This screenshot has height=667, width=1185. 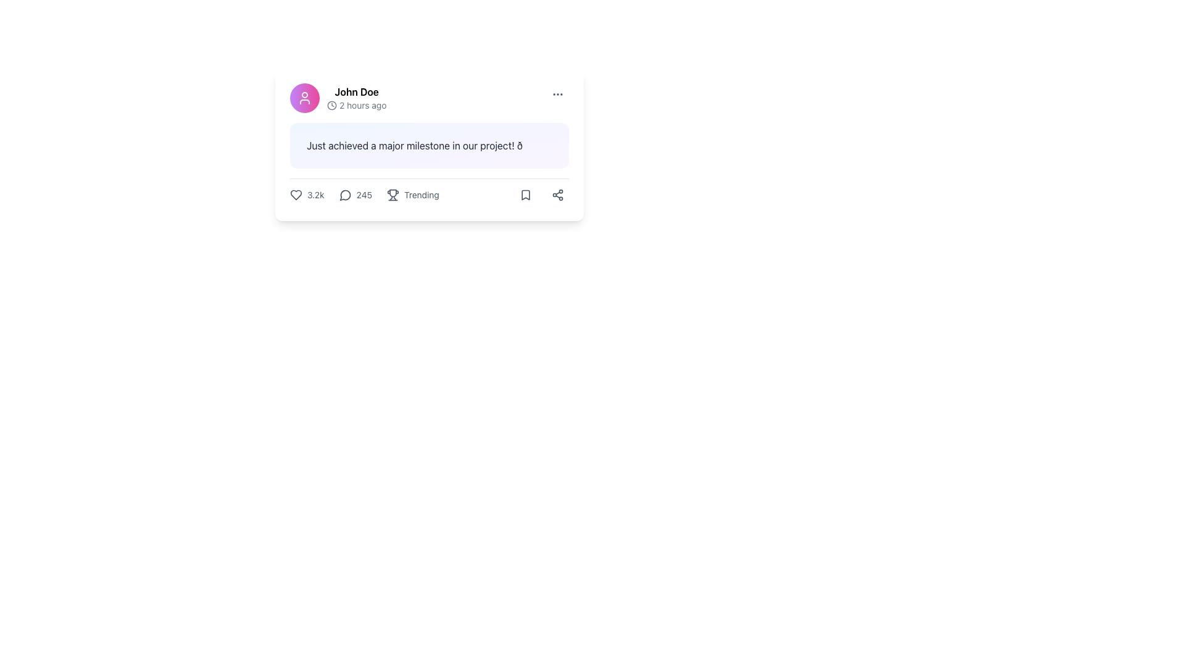 What do you see at coordinates (345, 195) in the screenshot?
I see `the comments icon located at the bottom left of the card, next to the comments counter` at bounding box center [345, 195].